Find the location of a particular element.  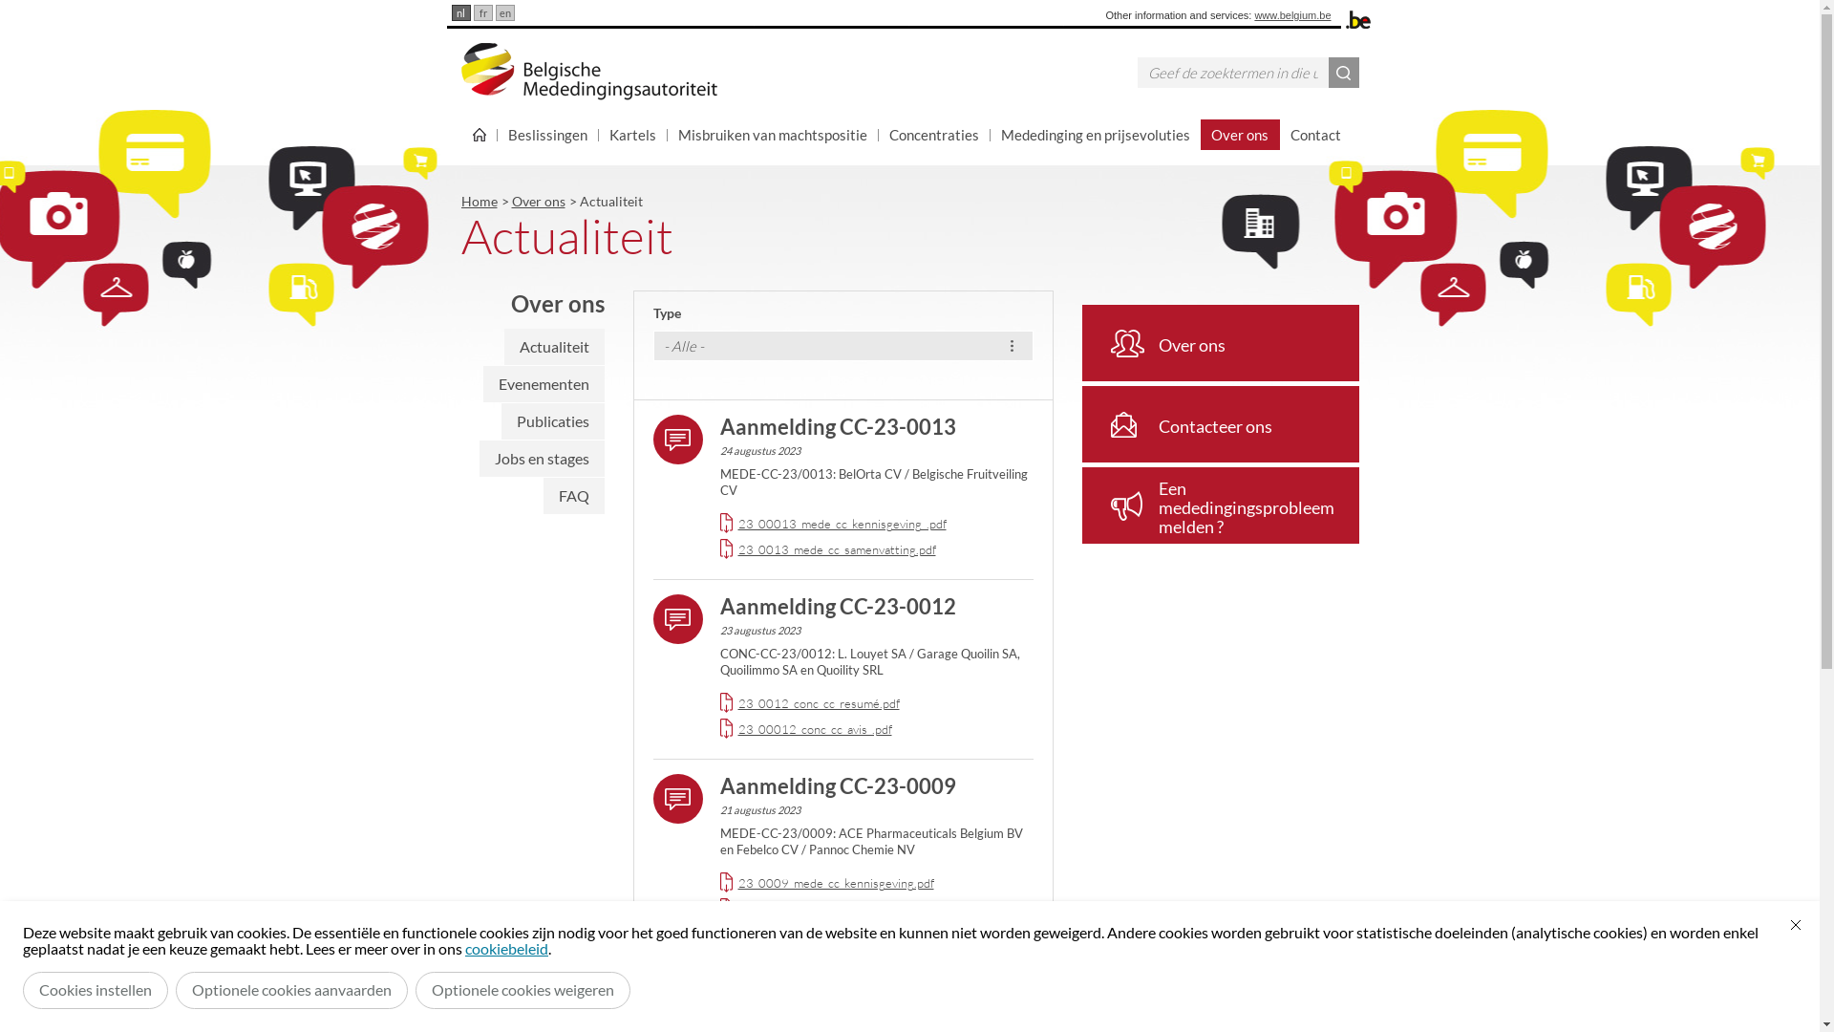

'Aanmelding CC-23-0012' is located at coordinates (838, 606).